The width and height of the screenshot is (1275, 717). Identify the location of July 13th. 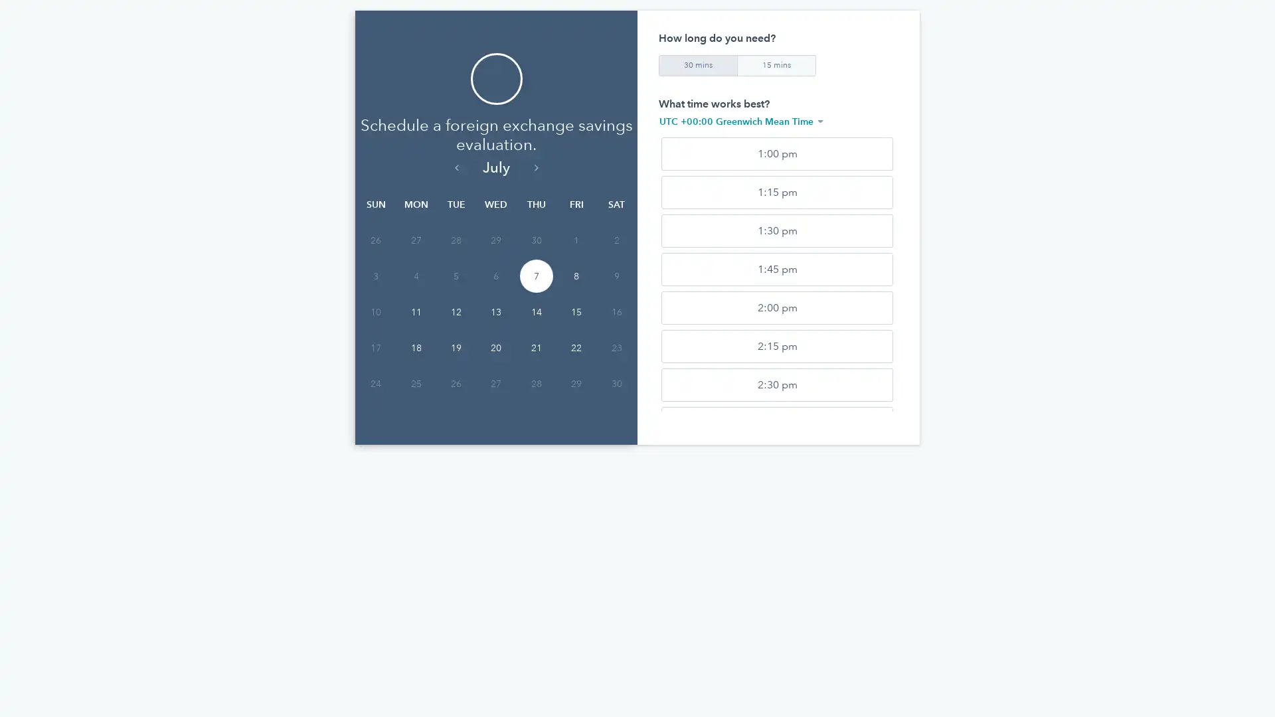
(495, 312).